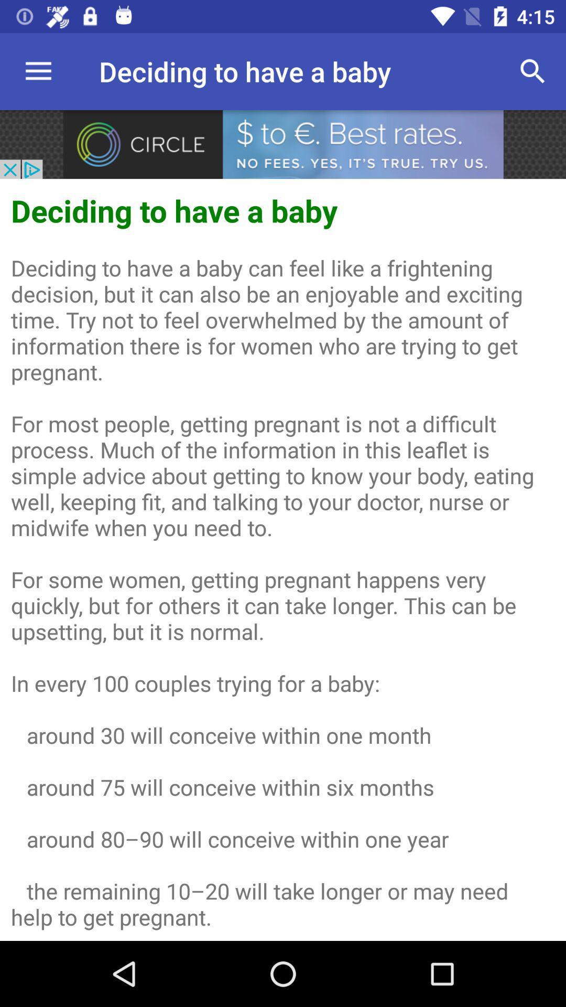 The width and height of the screenshot is (566, 1007). Describe the element at coordinates (283, 144) in the screenshot. I see `the advertisement` at that location.